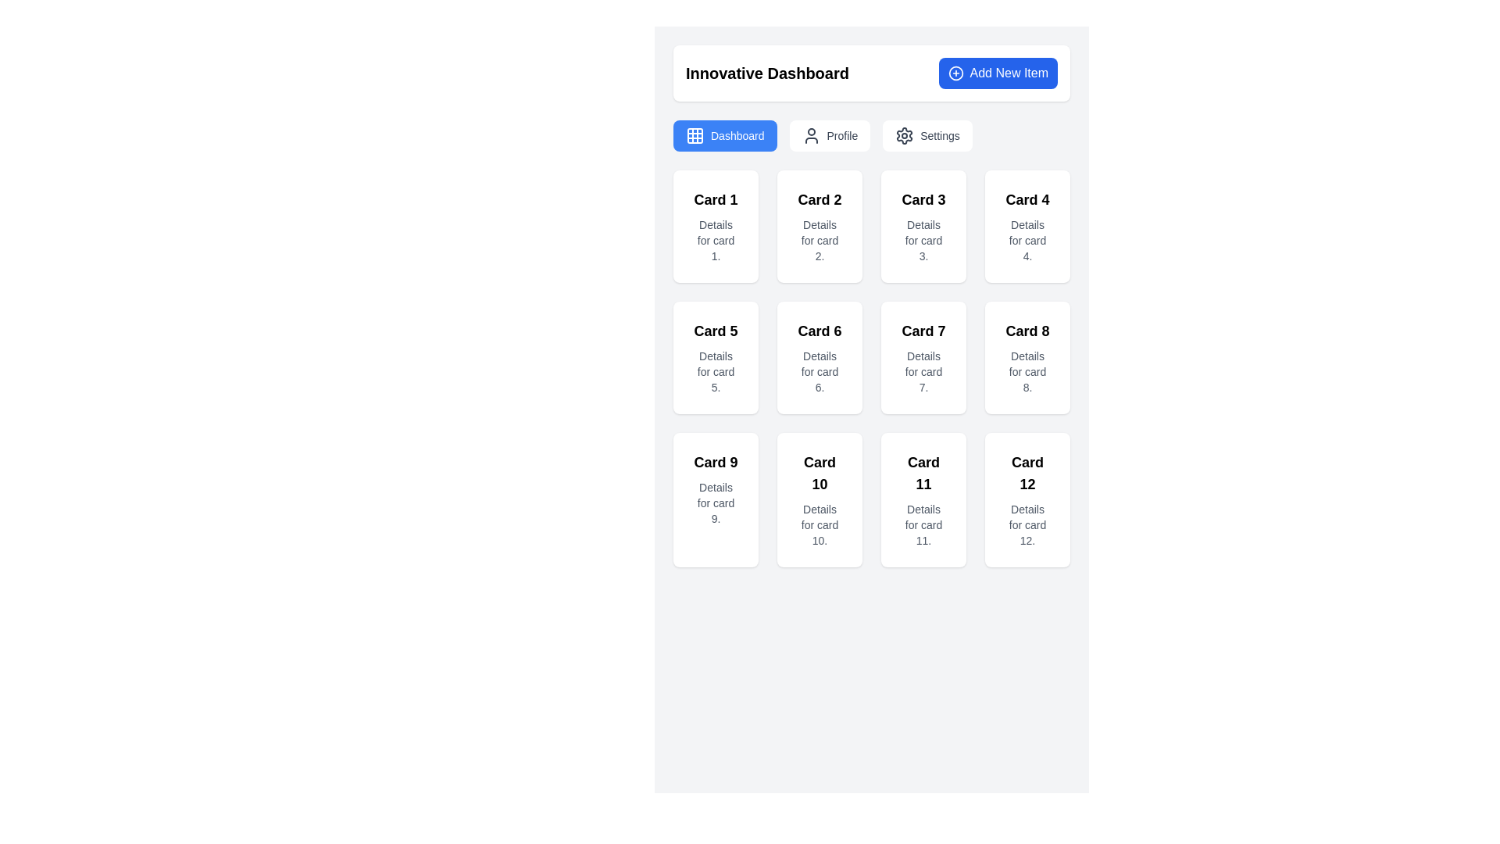 The height and width of the screenshot is (844, 1500). Describe the element at coordinates (1027, 198) in the screenshot. I see `text label that serves as the title of the card identified as 'Card 4', located in the first row and fourth column of the grid layout` at that location.